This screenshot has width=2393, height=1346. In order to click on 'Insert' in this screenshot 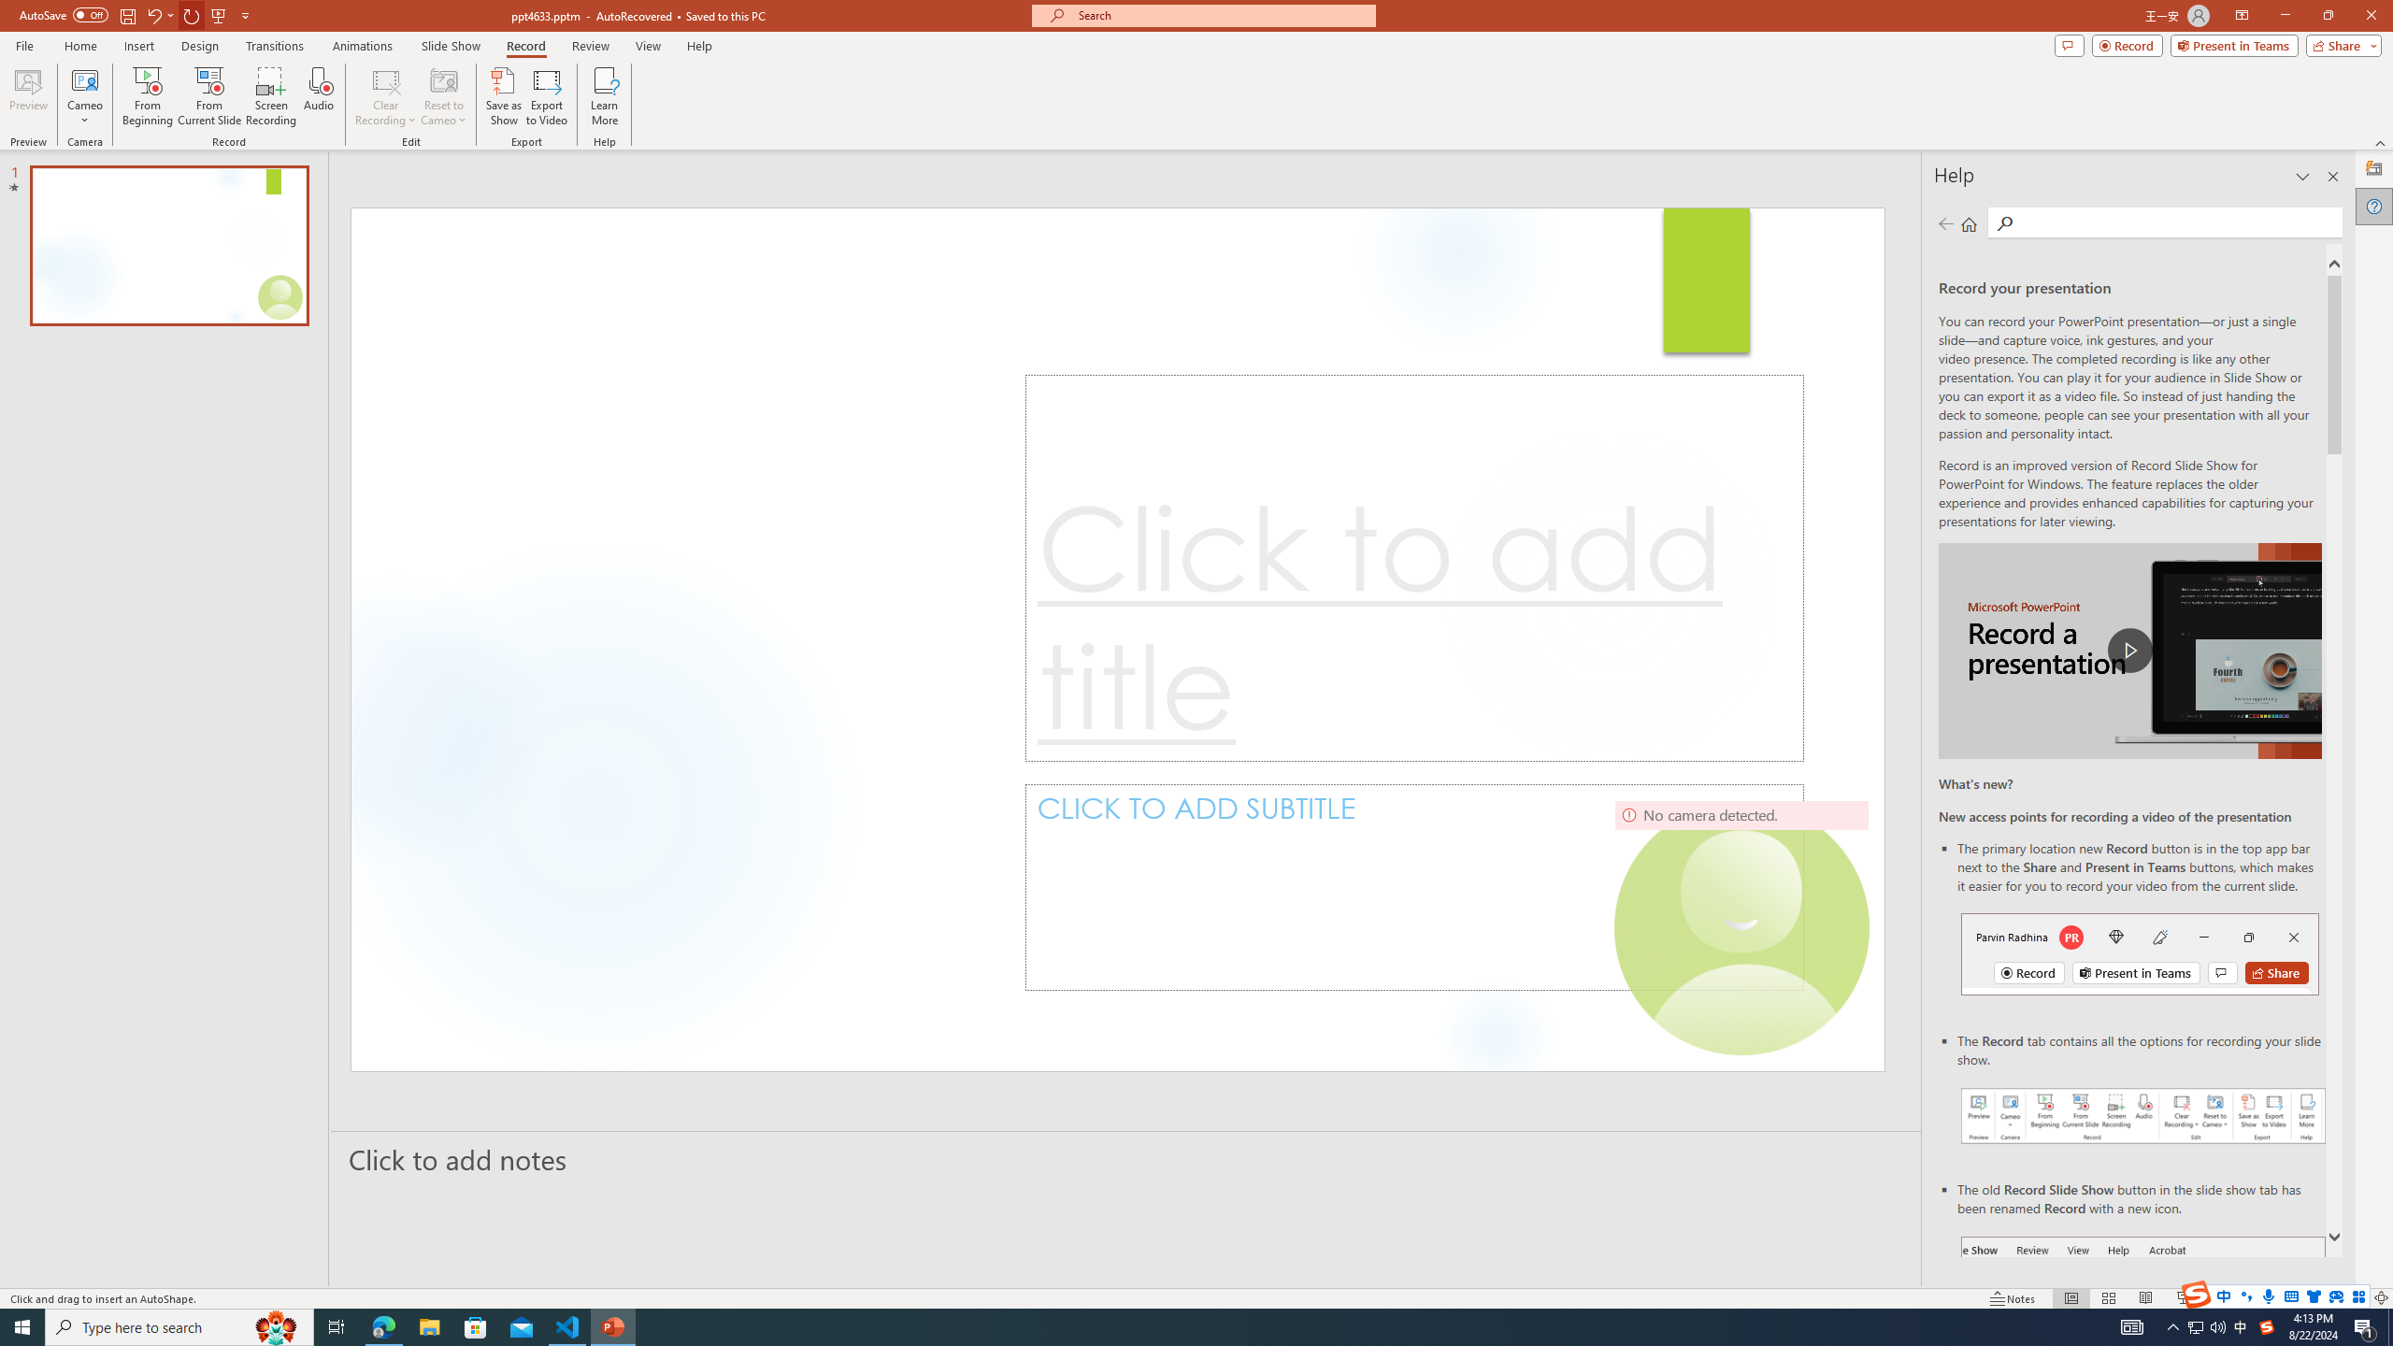, I will do `click(137, 46)`.